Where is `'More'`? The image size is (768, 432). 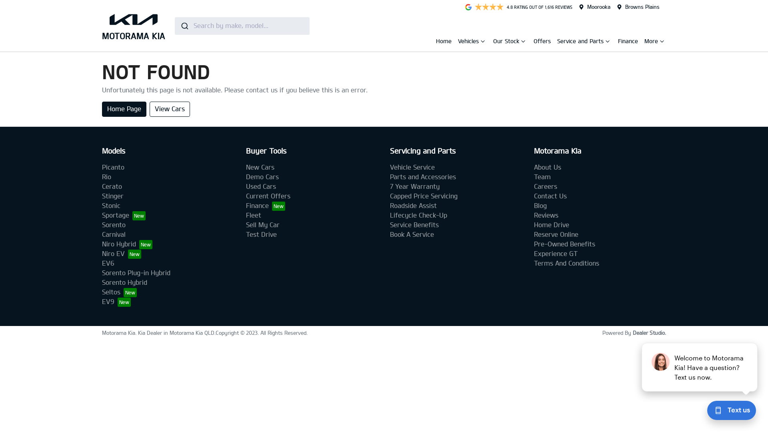 'More' is located at coordinates (652, 42).